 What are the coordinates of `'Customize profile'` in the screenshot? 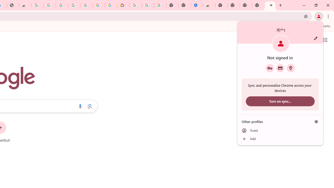 It's located at (315, 38).